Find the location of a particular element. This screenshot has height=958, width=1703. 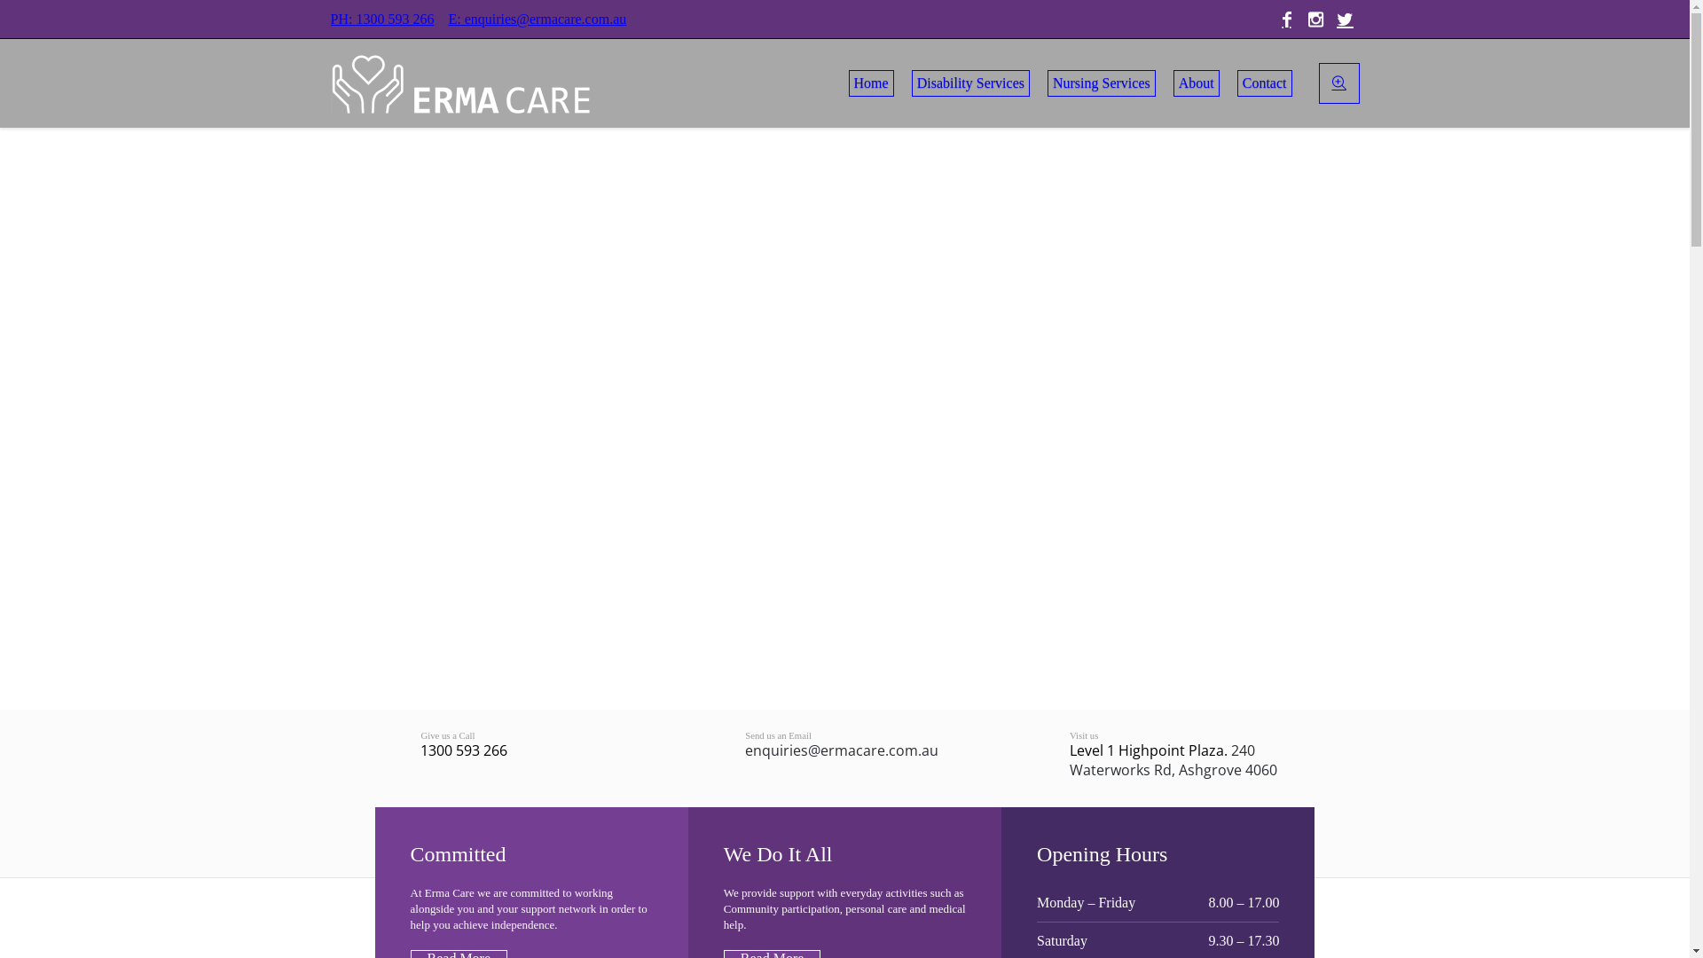

'Facebook' is located at coordinates (1285, 20).